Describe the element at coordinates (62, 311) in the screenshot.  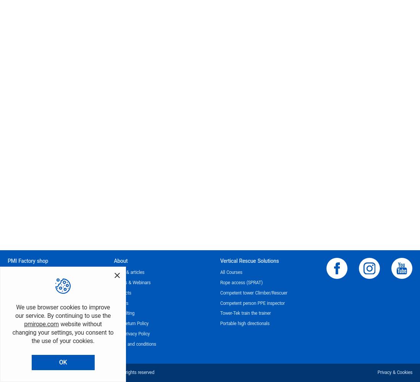
I see `'We use browser cookies to improve our service. By continuing to use the'` at that location.